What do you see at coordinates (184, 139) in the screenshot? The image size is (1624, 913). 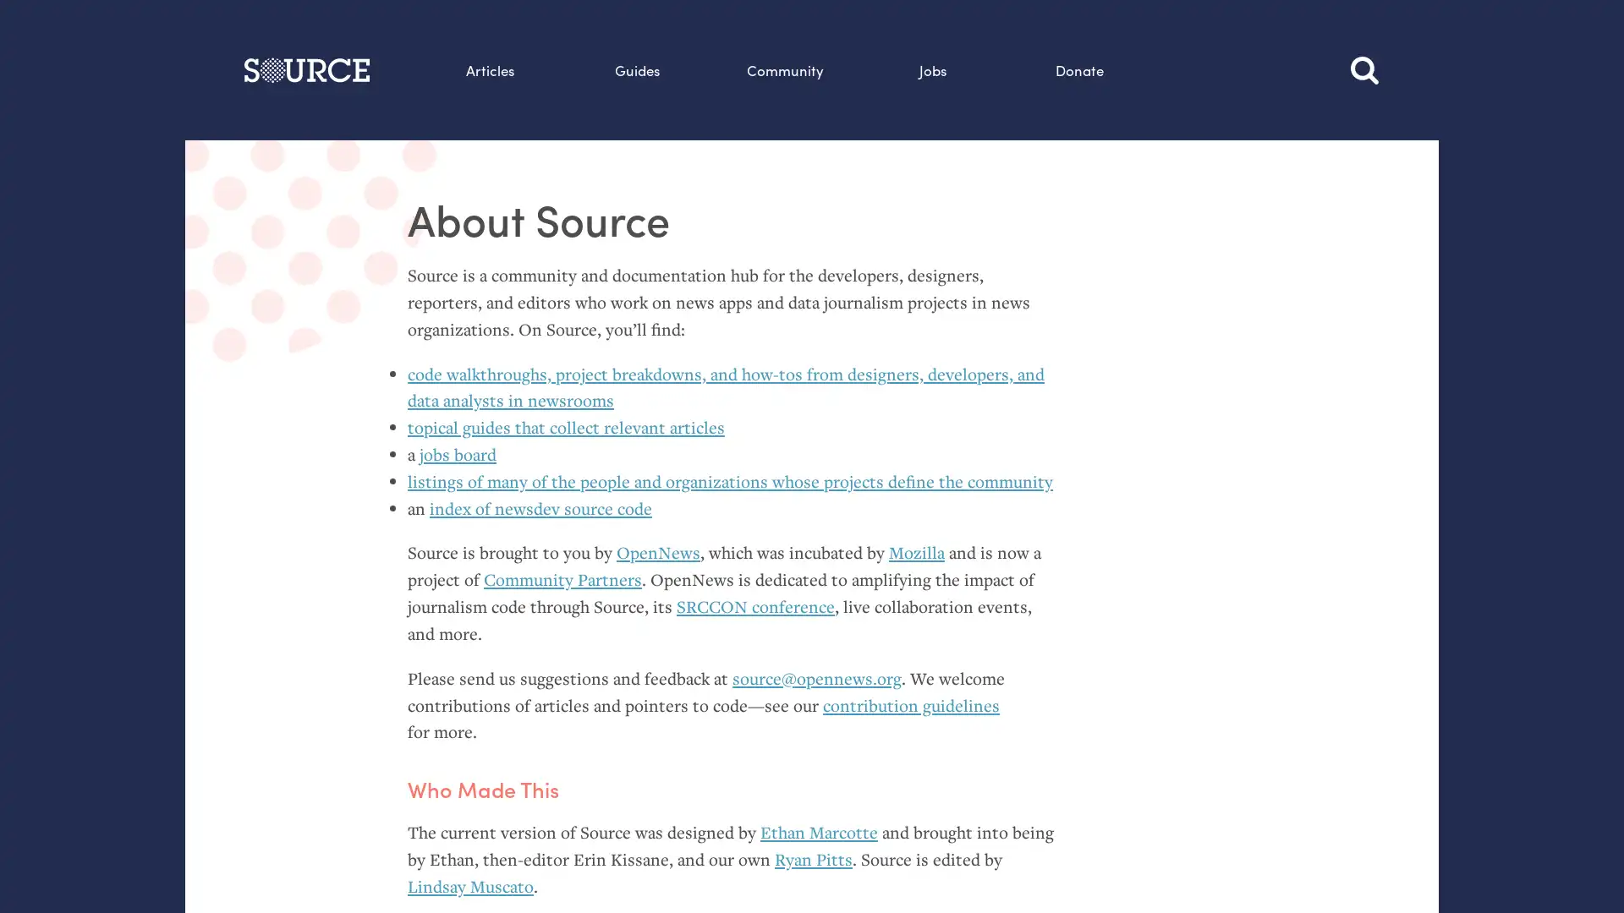 I see `Search this site` at bounding box center [184, 139].